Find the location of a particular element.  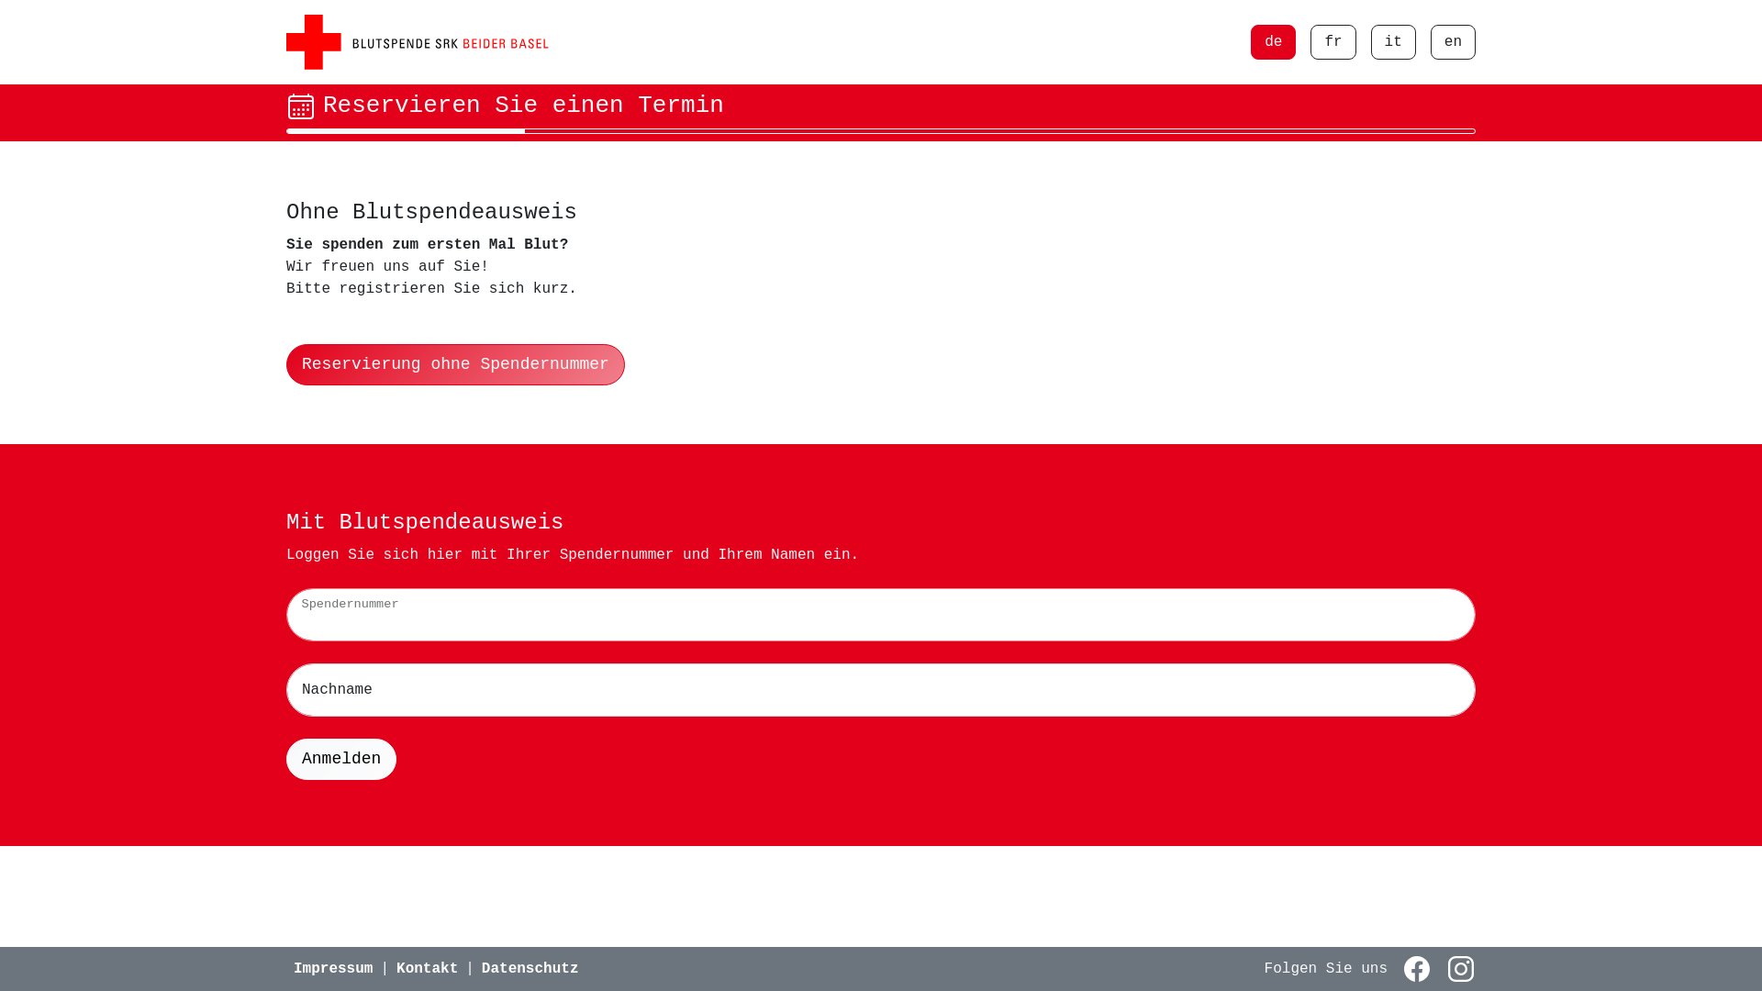

'Impressum' is located at coordinates (294, 968).